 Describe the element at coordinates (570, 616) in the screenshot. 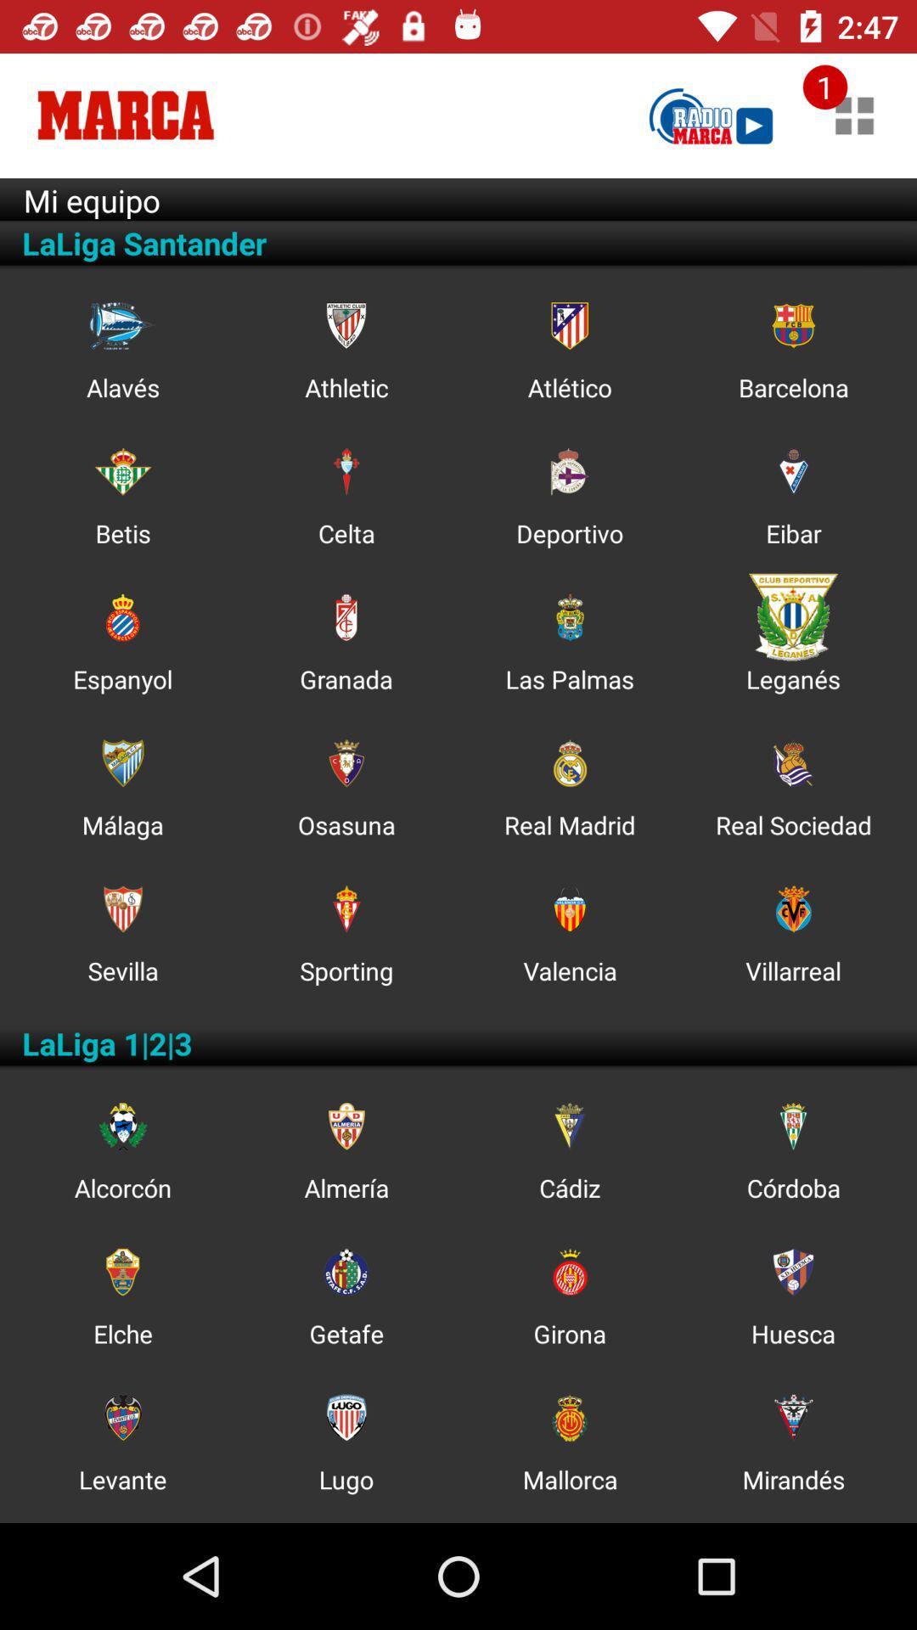

I see `the settings icon` at that location.